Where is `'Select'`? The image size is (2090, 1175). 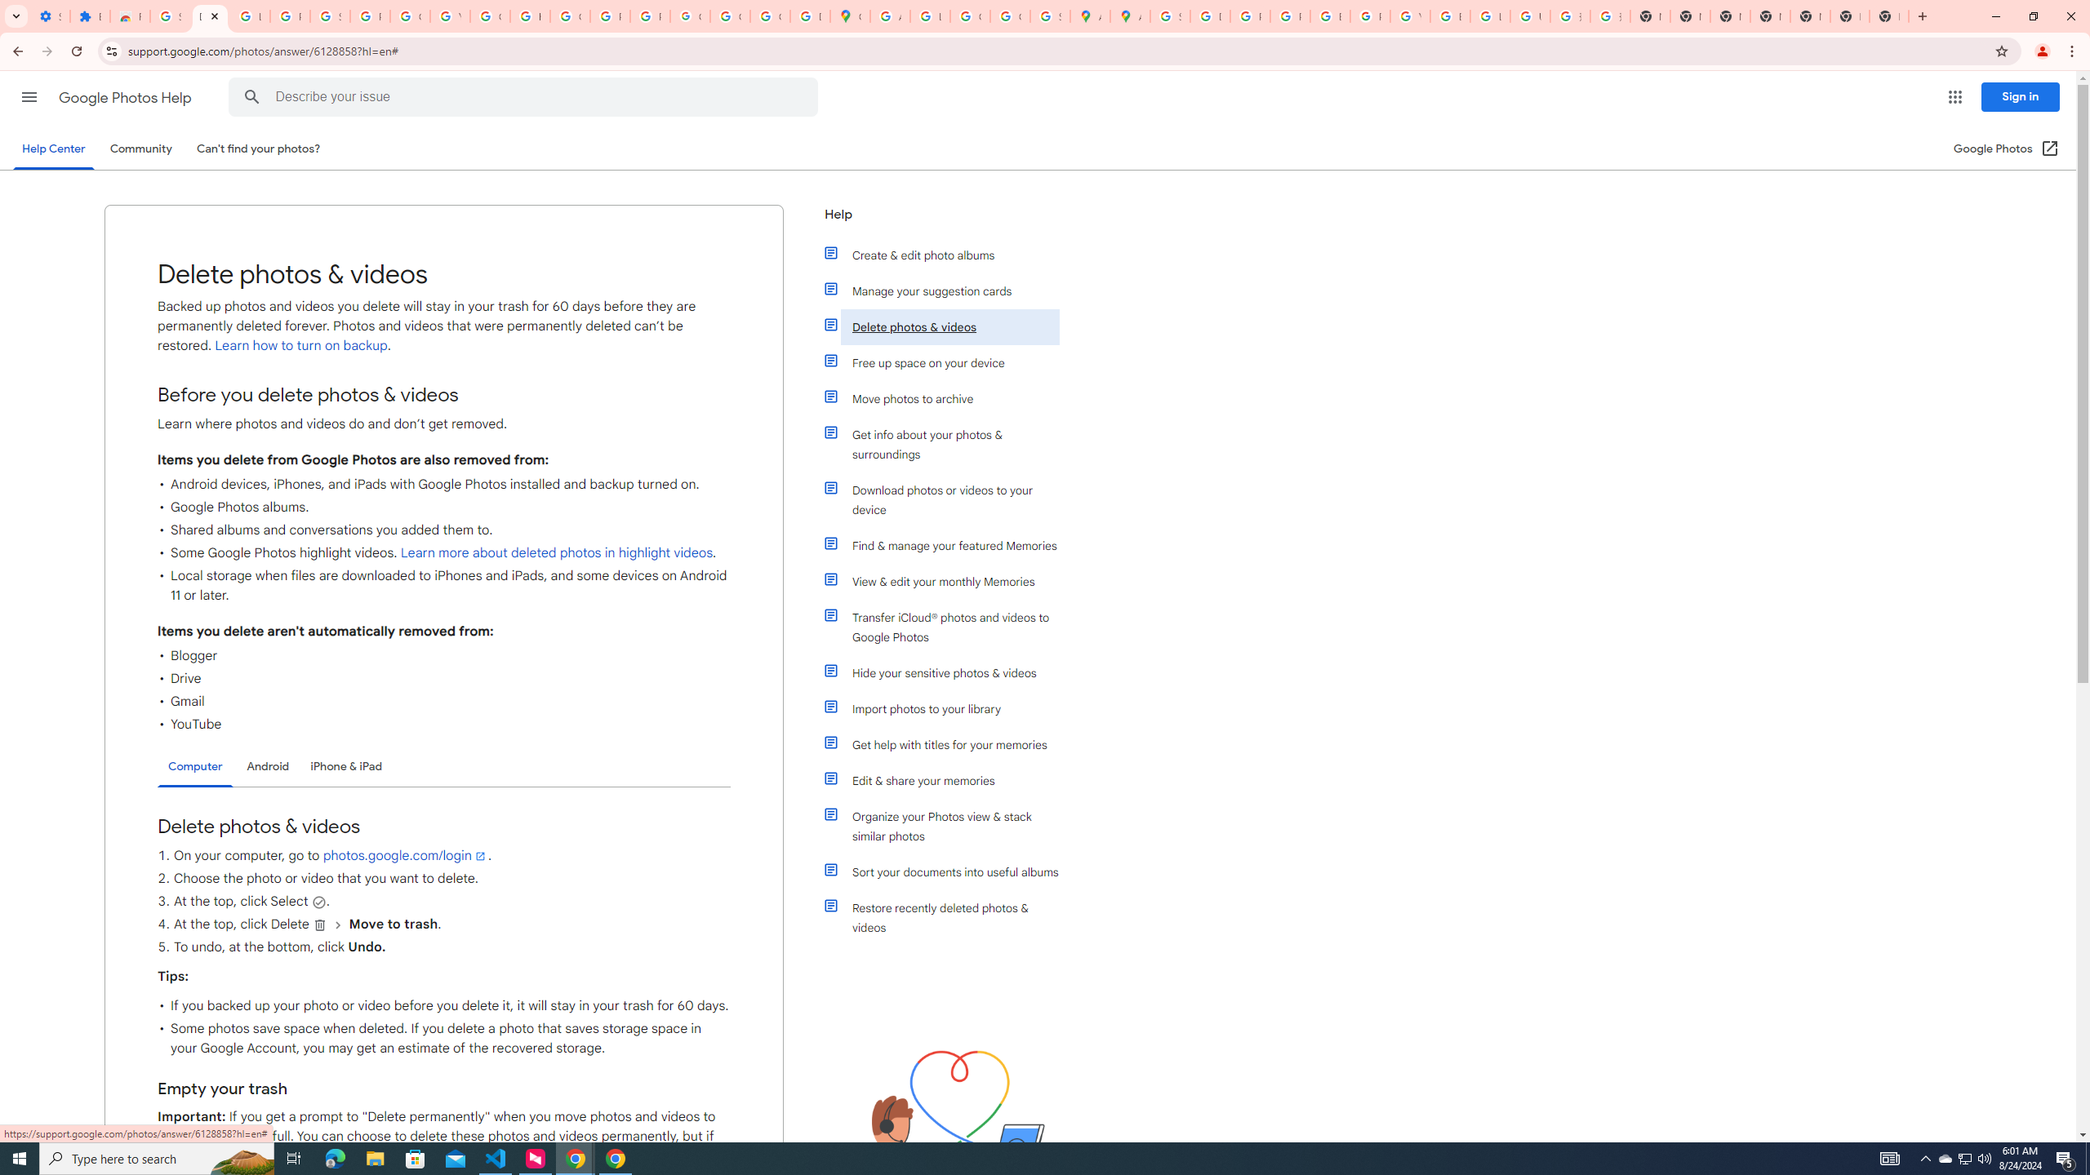 'Select' is located at coordinates (318, 901).